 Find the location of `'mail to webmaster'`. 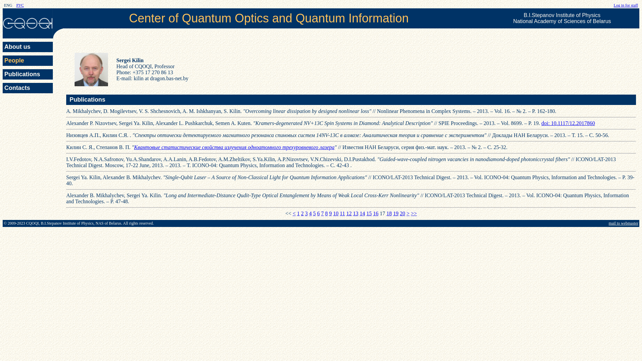

'mail to webmaster' is located at coordinates (623, 223).